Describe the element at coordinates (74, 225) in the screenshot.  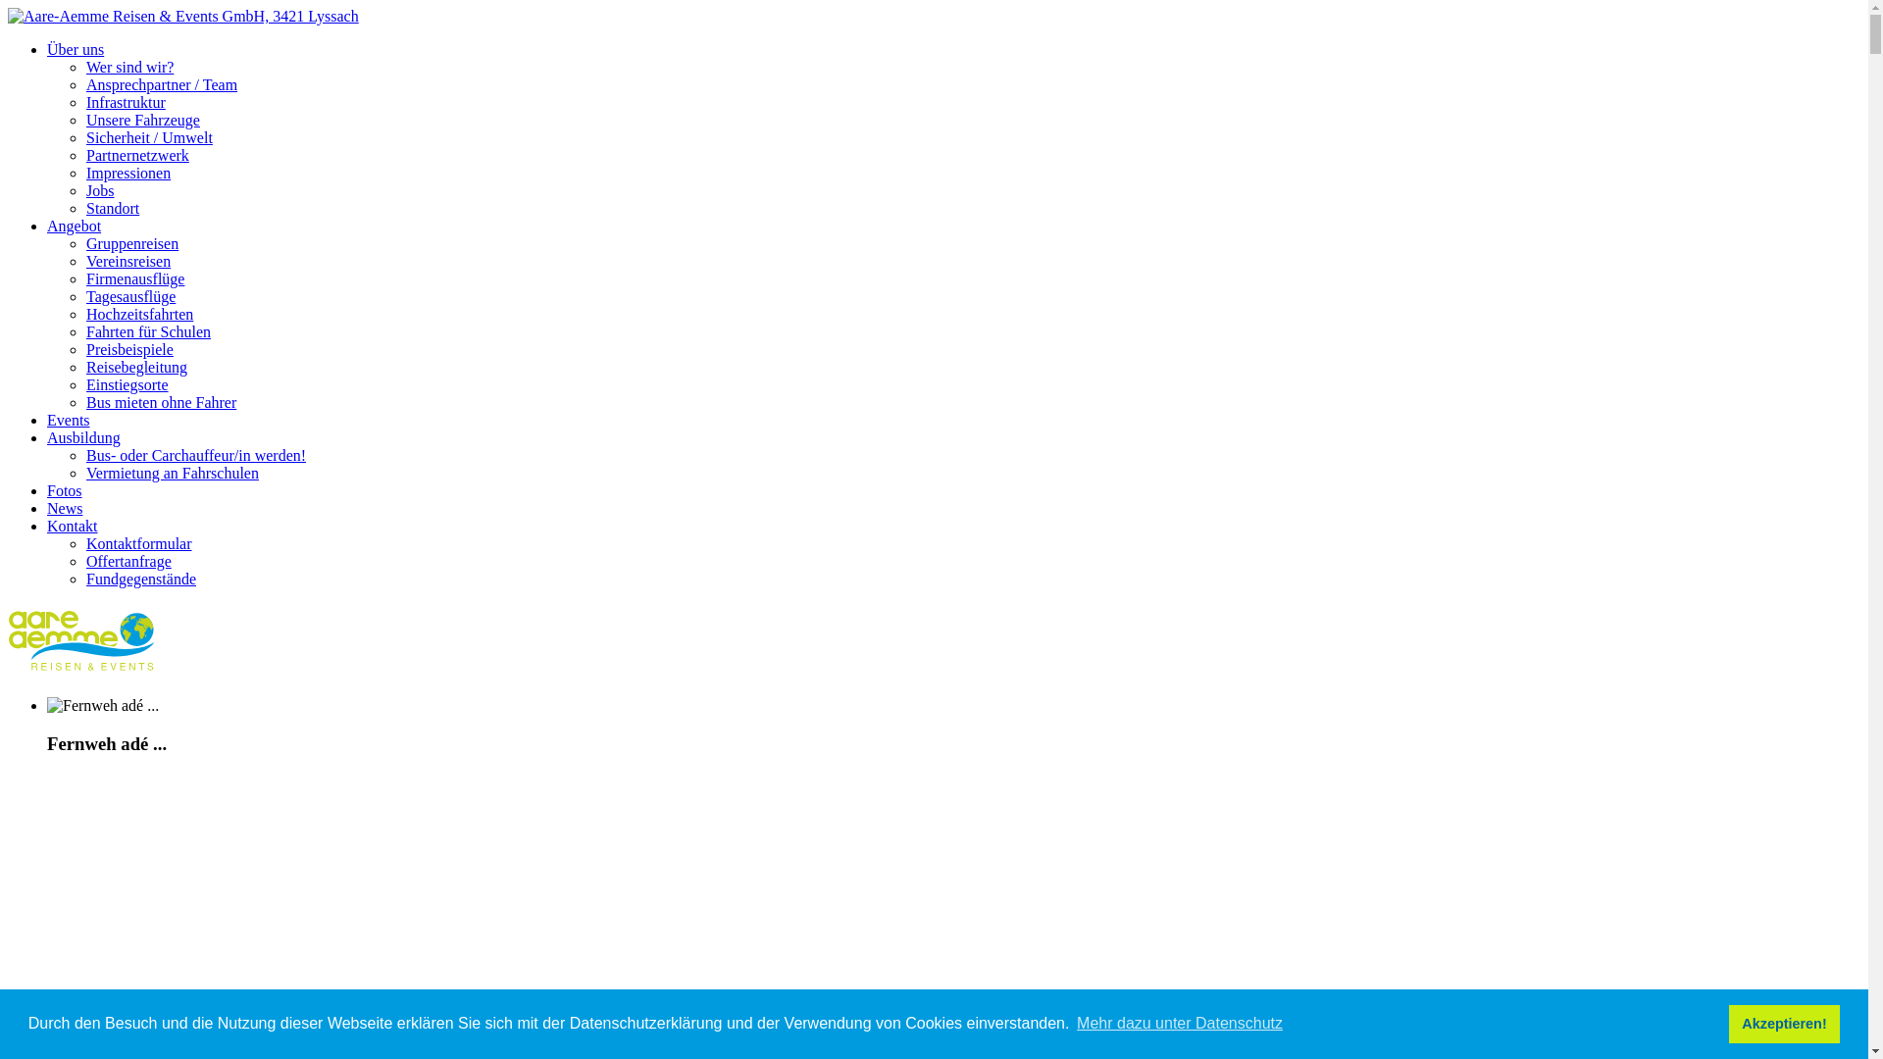
I see `'Angebot'` at that location.